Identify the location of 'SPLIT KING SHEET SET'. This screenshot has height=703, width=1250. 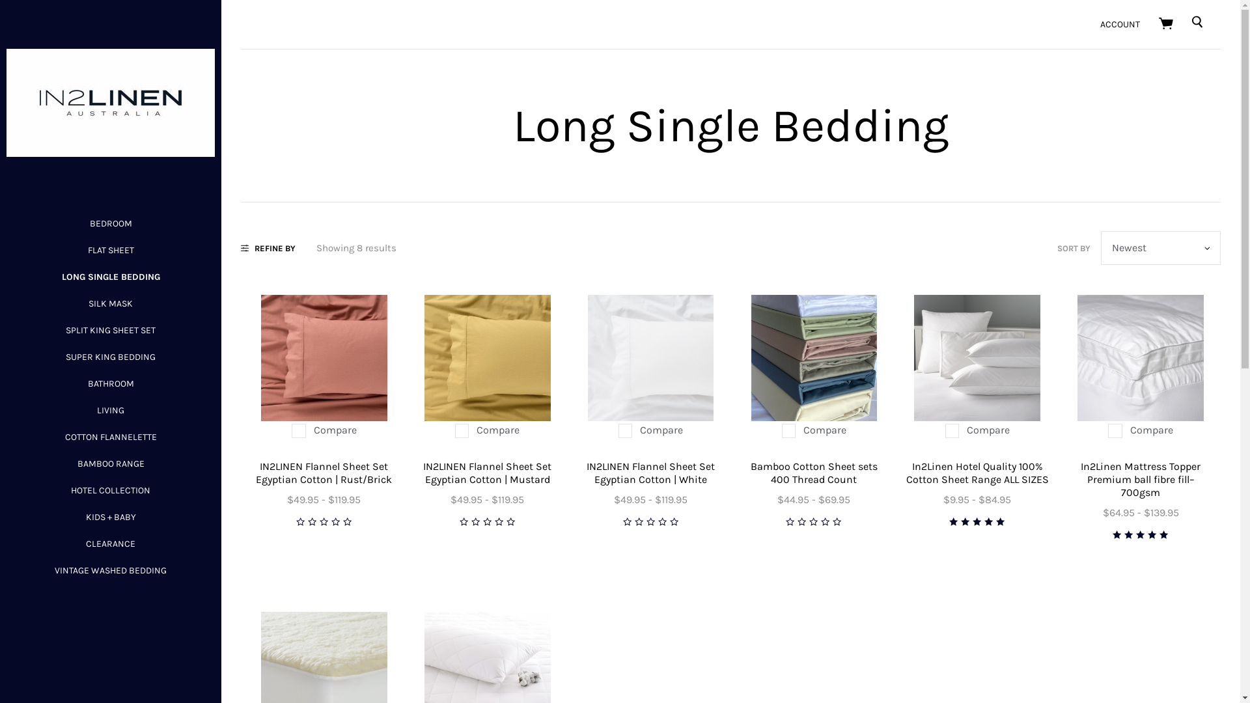
(110, 329).